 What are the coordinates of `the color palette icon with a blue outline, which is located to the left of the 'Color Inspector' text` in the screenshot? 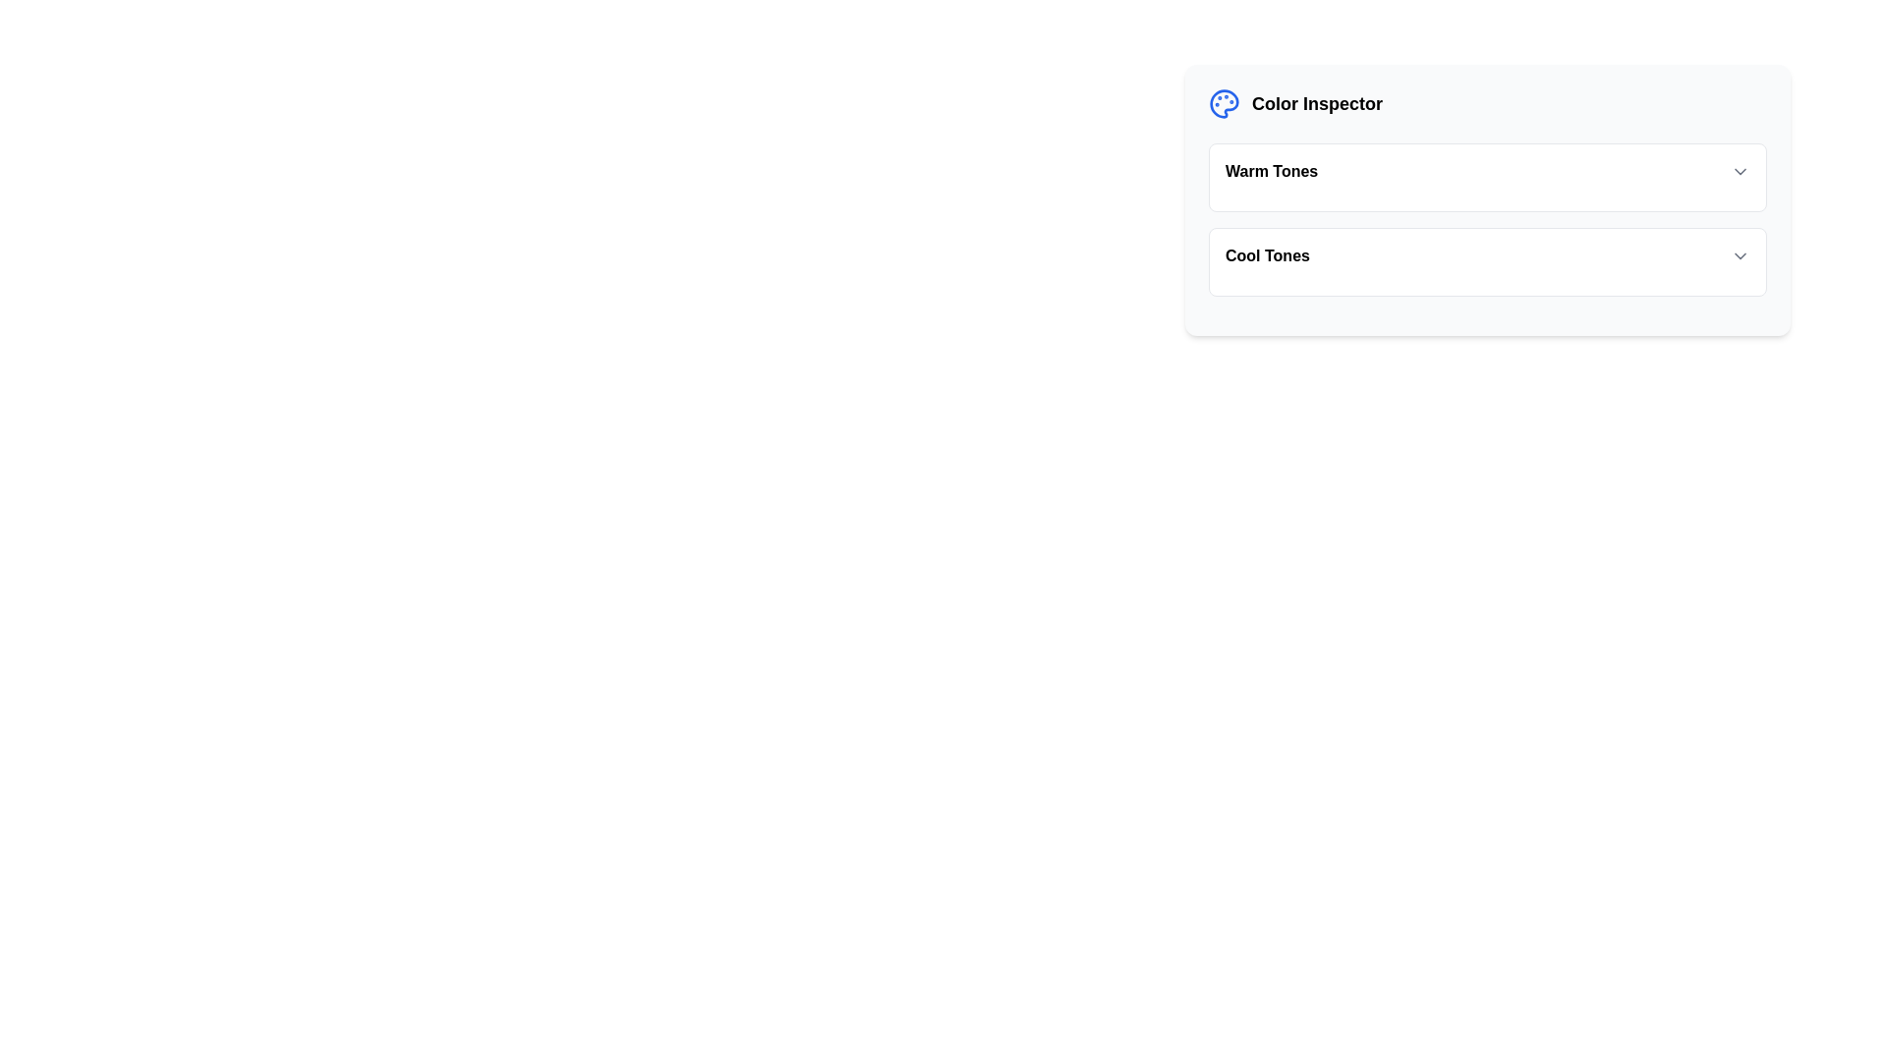 It's located at (1224, 103).